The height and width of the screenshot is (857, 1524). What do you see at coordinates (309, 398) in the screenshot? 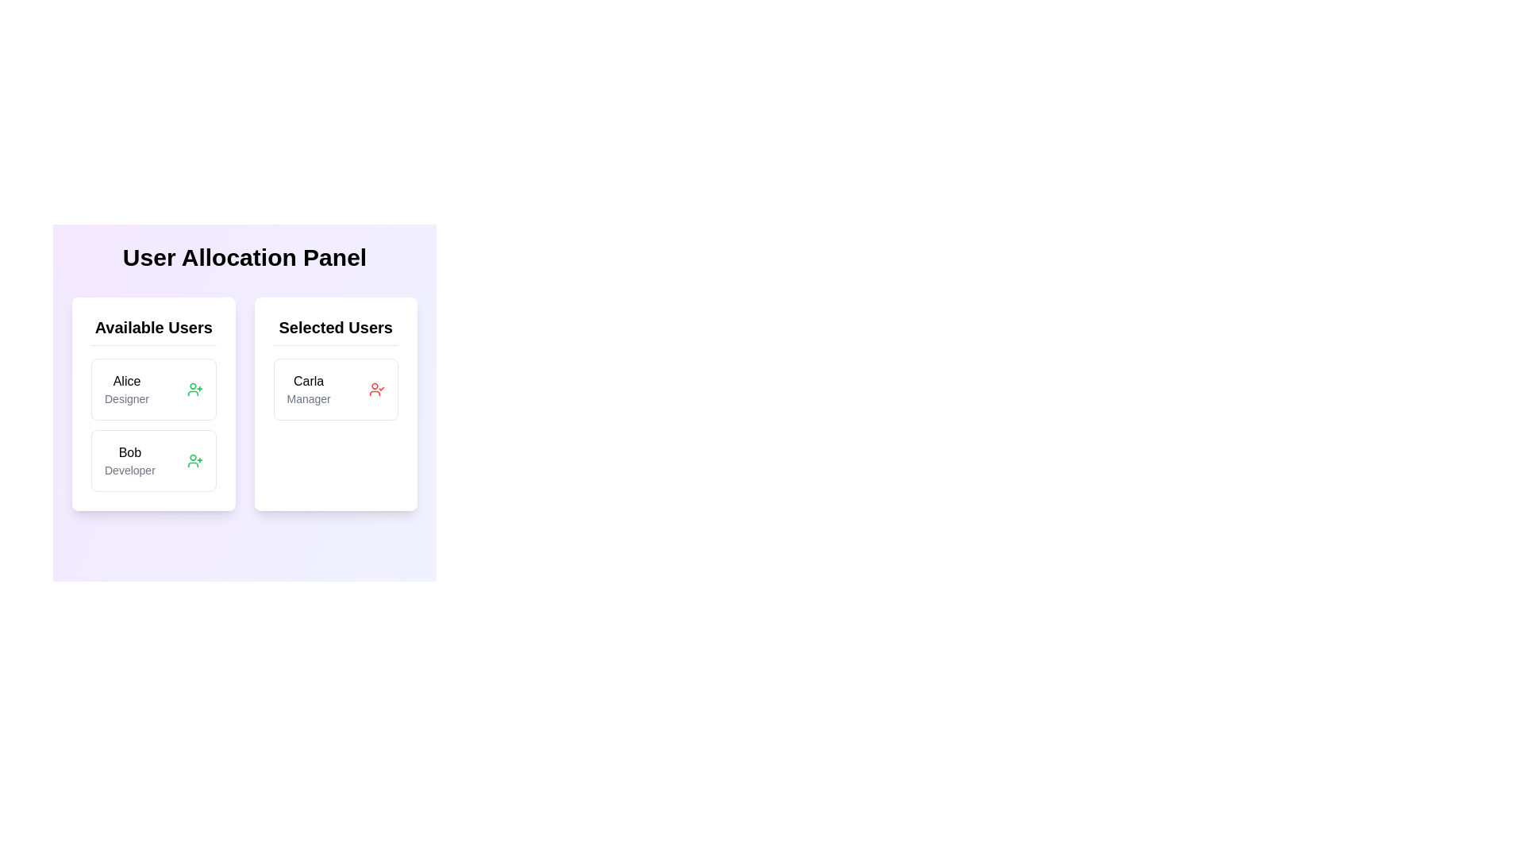
I see `the 'Manager' text label, which is displayed in a small, gray font and located under the name 'Carla' within the 'Selected Users' section` at bounding box center [309, 398].